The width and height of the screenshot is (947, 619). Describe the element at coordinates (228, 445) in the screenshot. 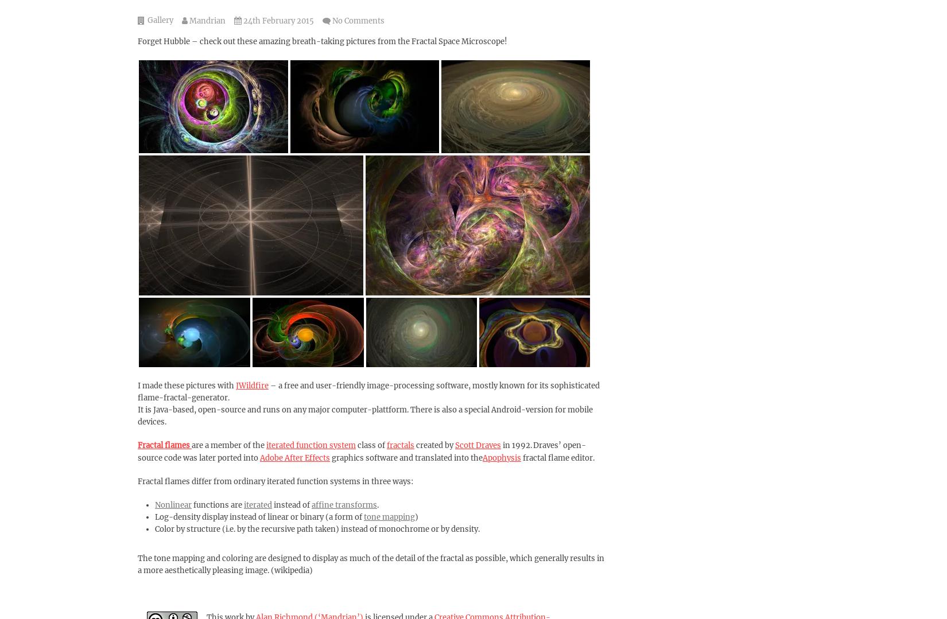

I see `'are a member of the'` at that location.